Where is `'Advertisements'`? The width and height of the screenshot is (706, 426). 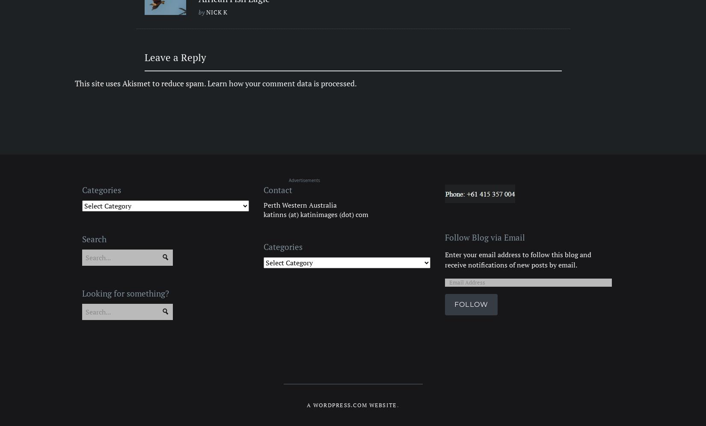
'Advertisements' is located at coordinates (303, 179).